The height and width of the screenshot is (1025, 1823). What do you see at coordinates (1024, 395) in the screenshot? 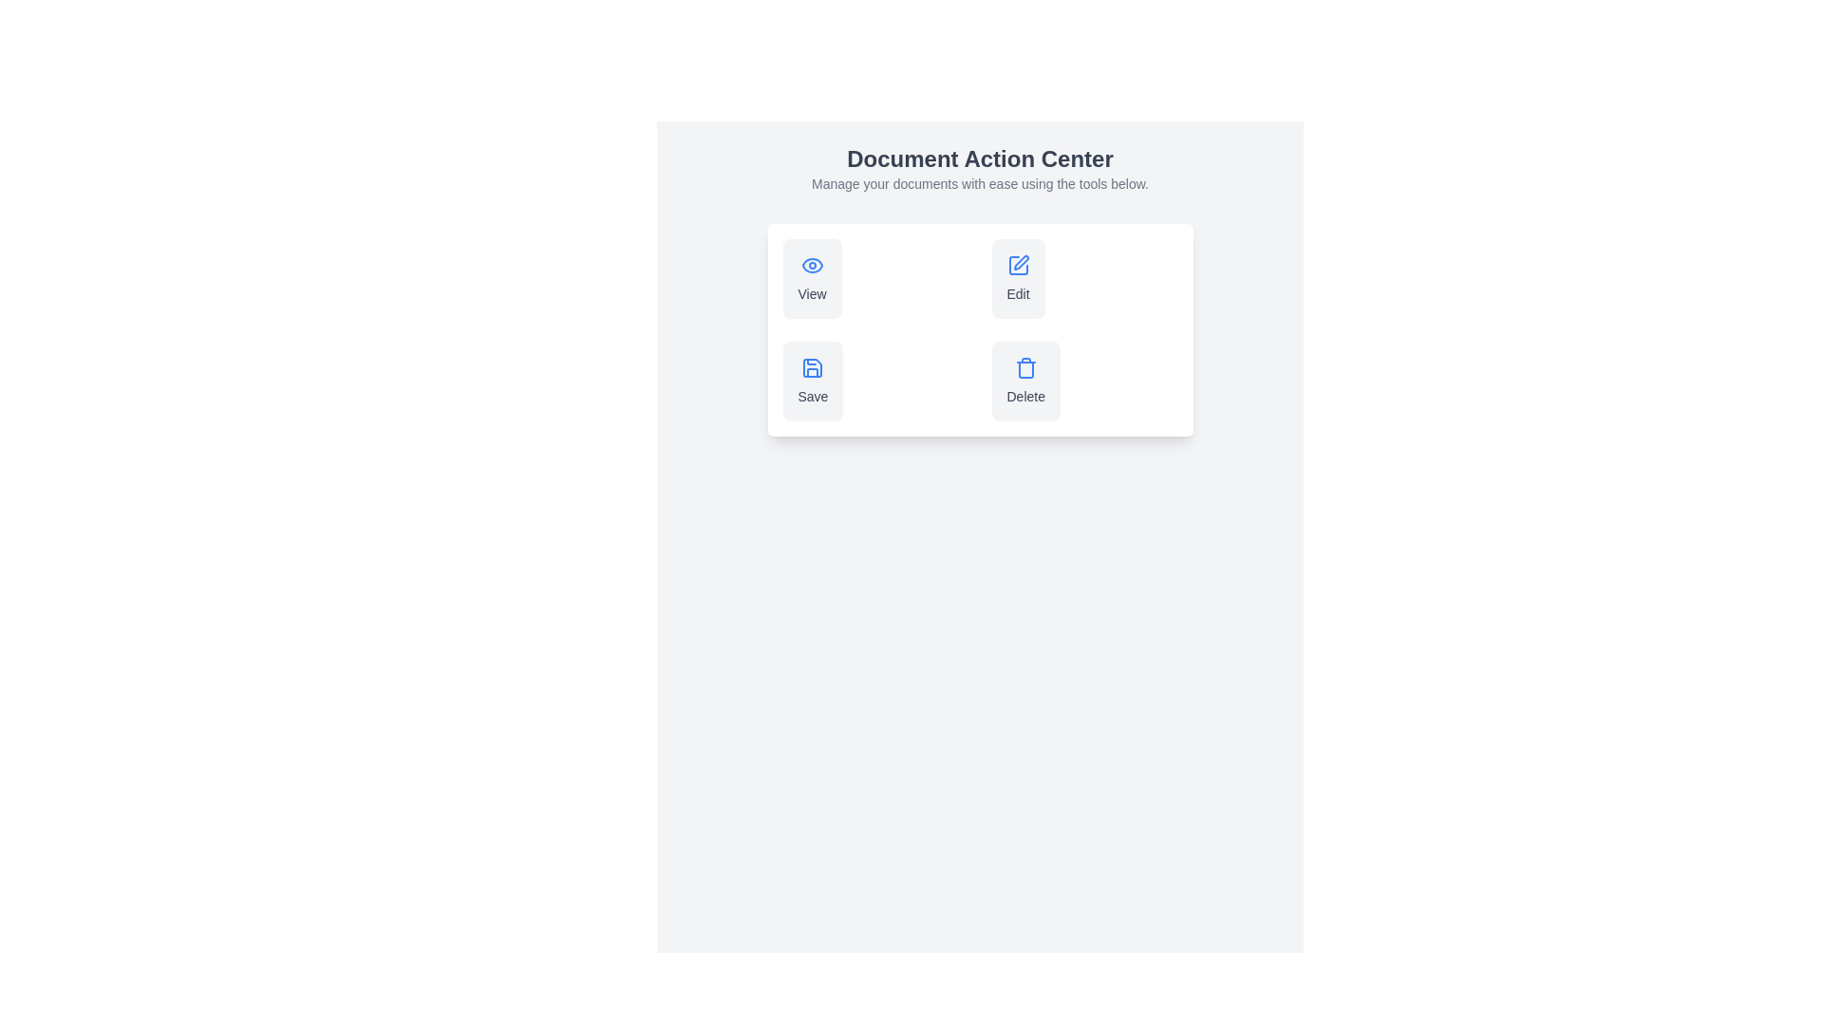
I see `the Text Label that describes the action associated with deleting an item, located below the trash can icon in the bottom-right section of the grid layout` at bounding box center [1024, 395].